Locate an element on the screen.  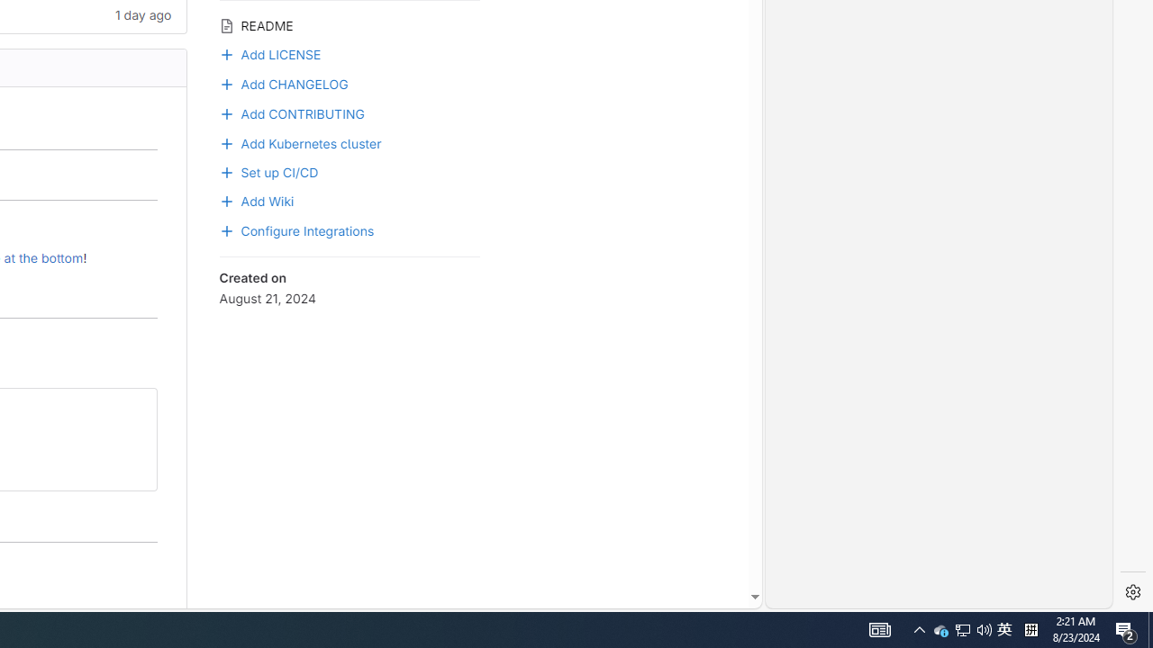
'Configure Integrations' is located at coordinates (296, 229).